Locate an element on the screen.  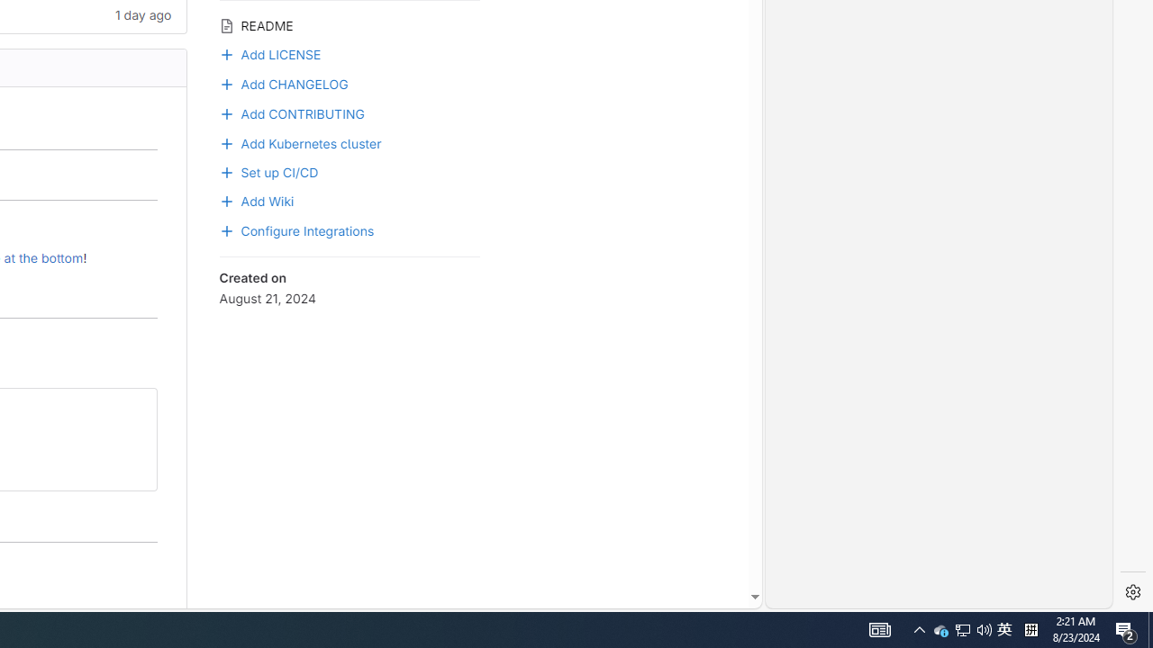
'Configure Integrations' is located at coordinates (296, 229).